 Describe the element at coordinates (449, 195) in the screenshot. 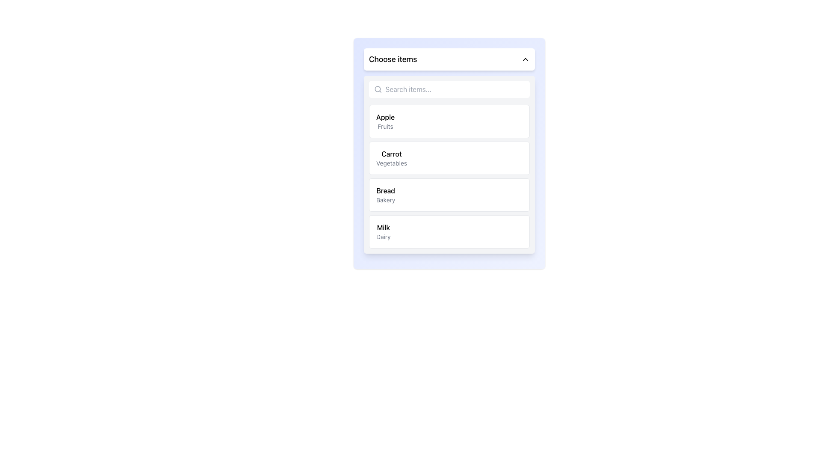

I see `the 'Bread Bakery' option in the list` at that location.